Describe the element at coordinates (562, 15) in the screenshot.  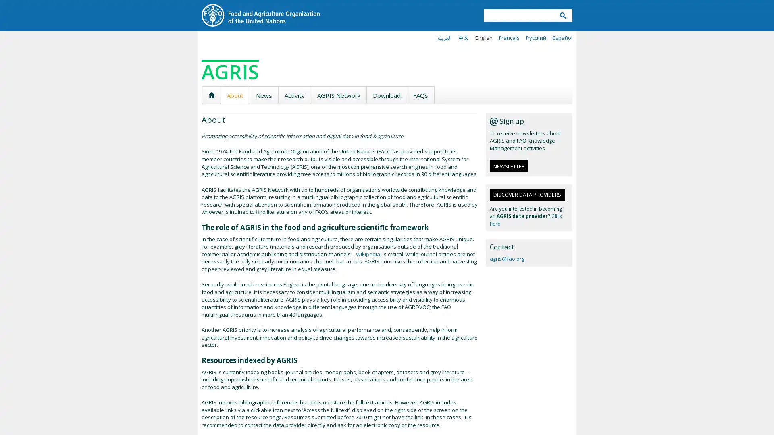
I see `search` at that location.